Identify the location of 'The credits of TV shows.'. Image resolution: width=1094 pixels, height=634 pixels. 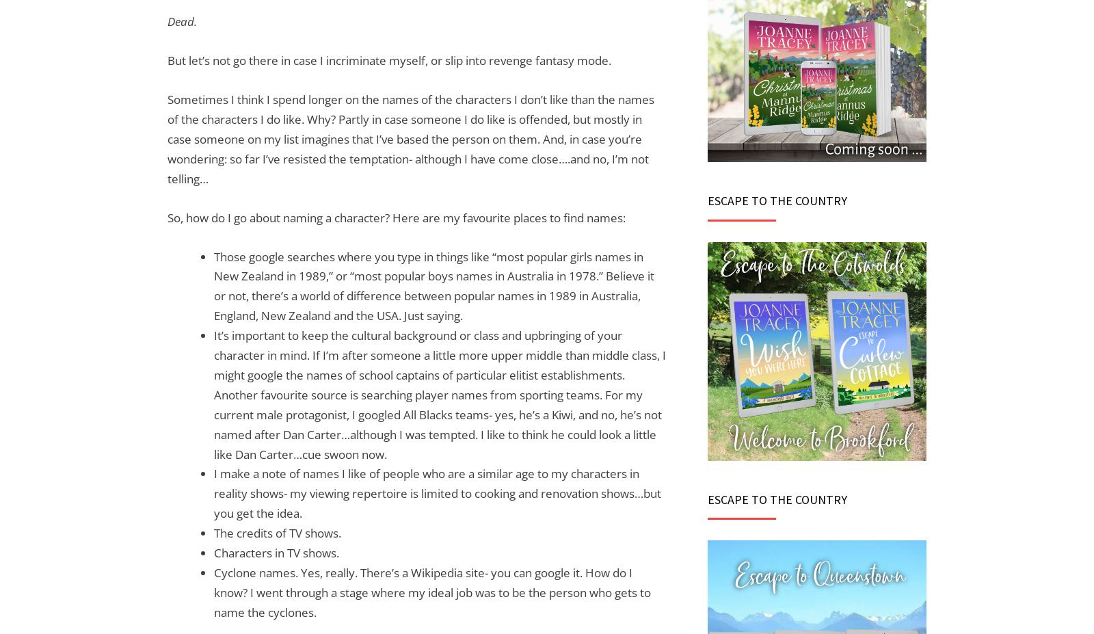
(277, 533).